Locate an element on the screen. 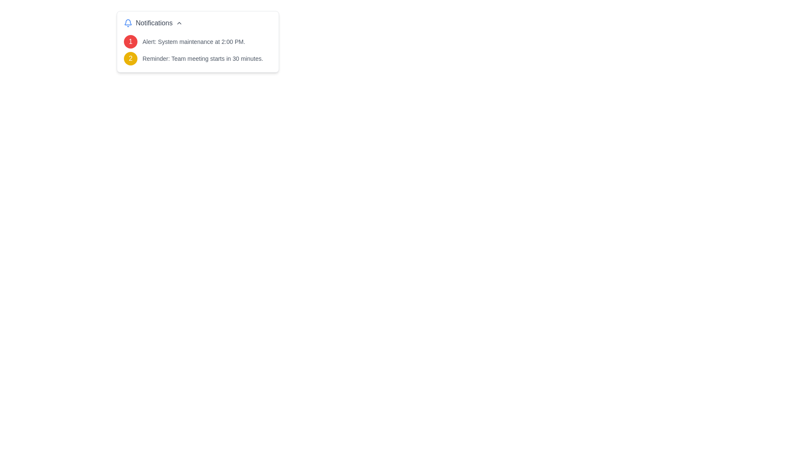  the Notification list located within the 'Notifications' box is located at coordinates (197, 50).